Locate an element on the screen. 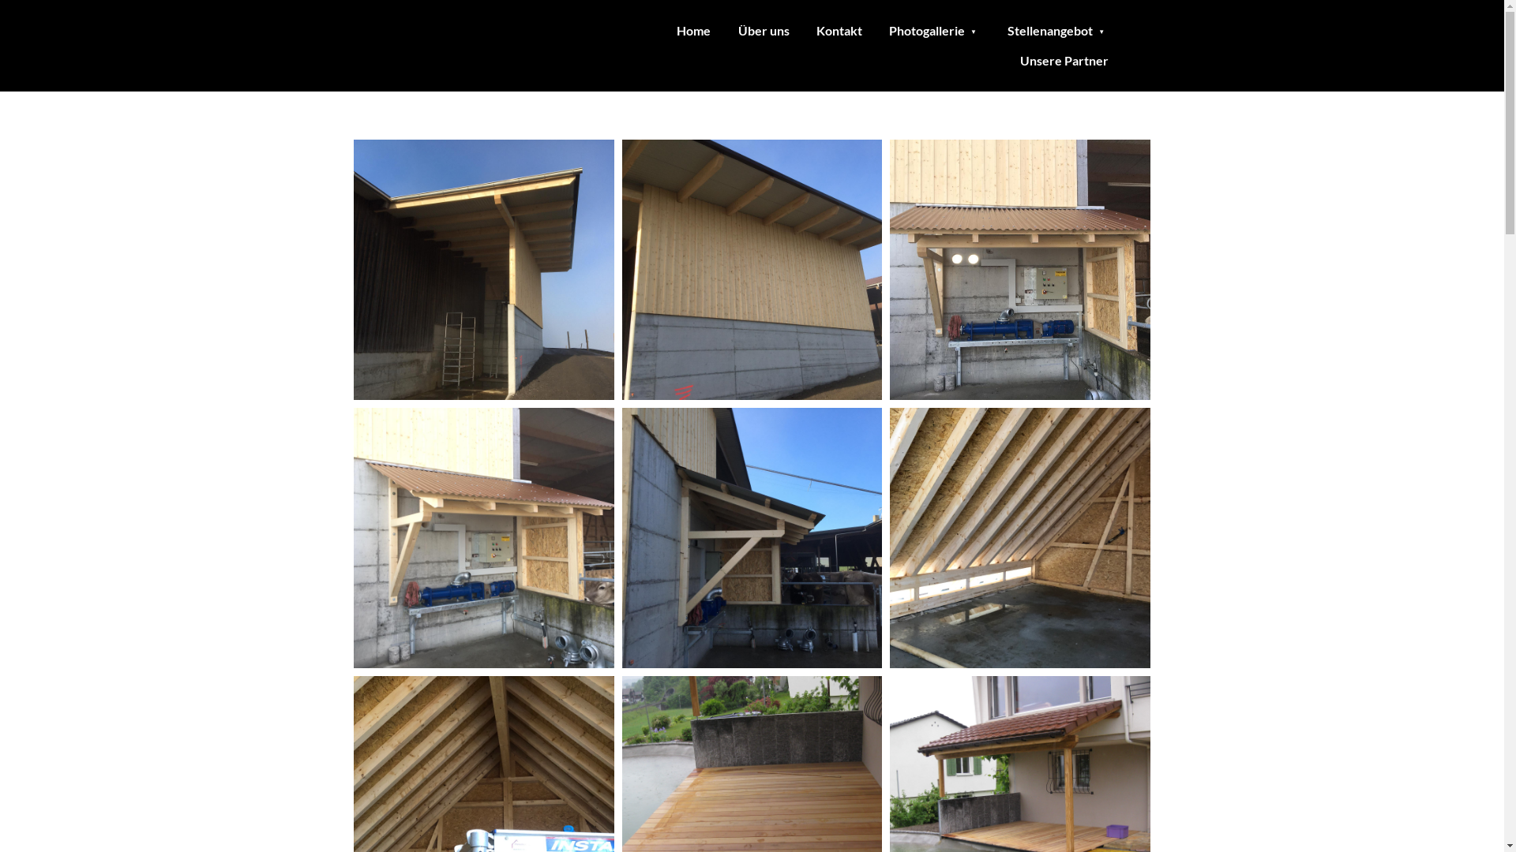  'Kontakt' is located at coordinates (838, 30).